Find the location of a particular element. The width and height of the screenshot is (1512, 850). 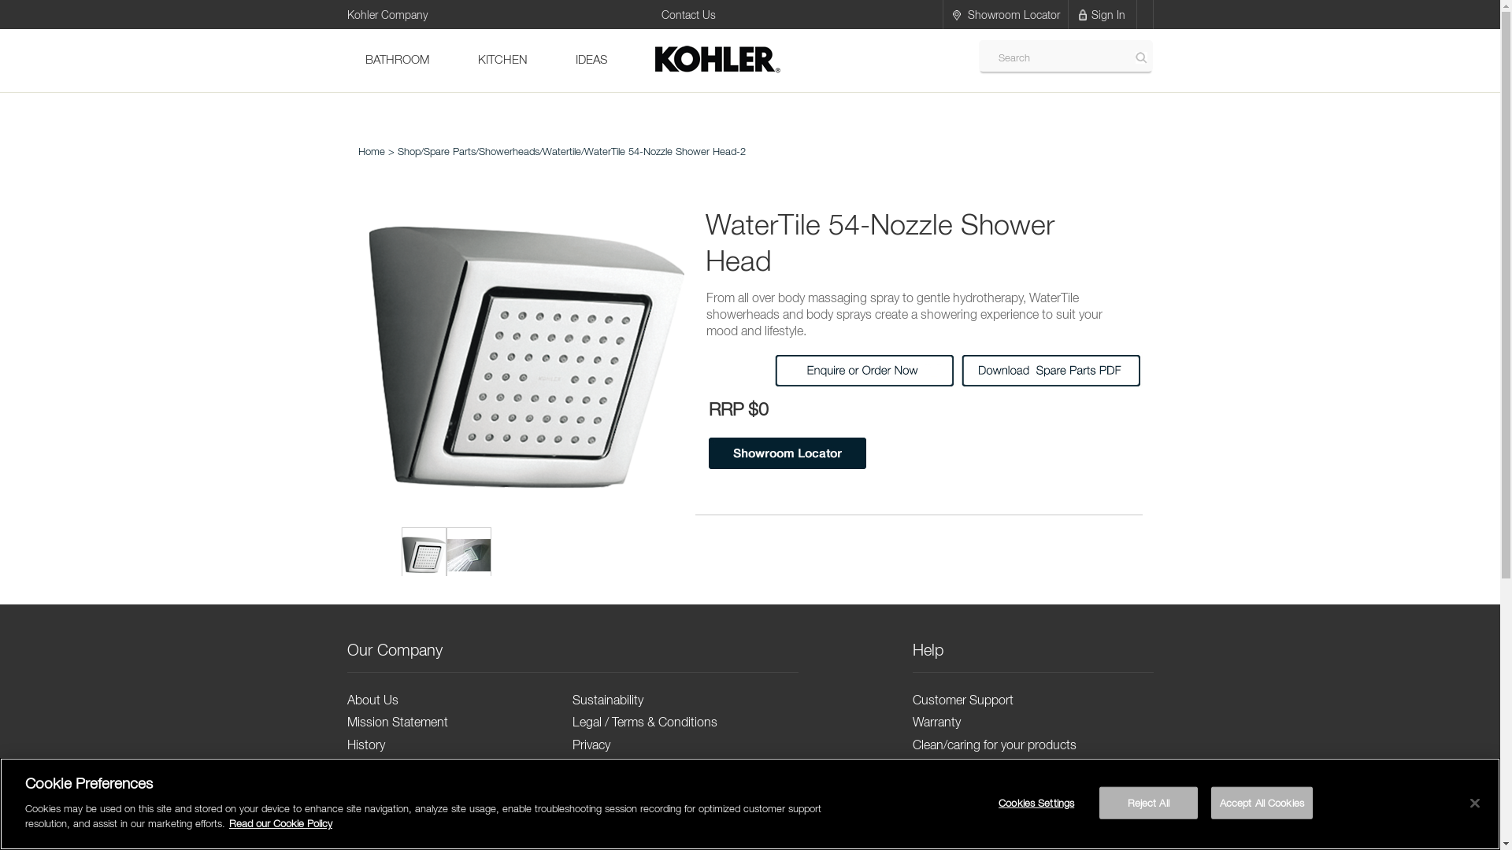

'Service Request Form' is located at coordinates (971, 767).